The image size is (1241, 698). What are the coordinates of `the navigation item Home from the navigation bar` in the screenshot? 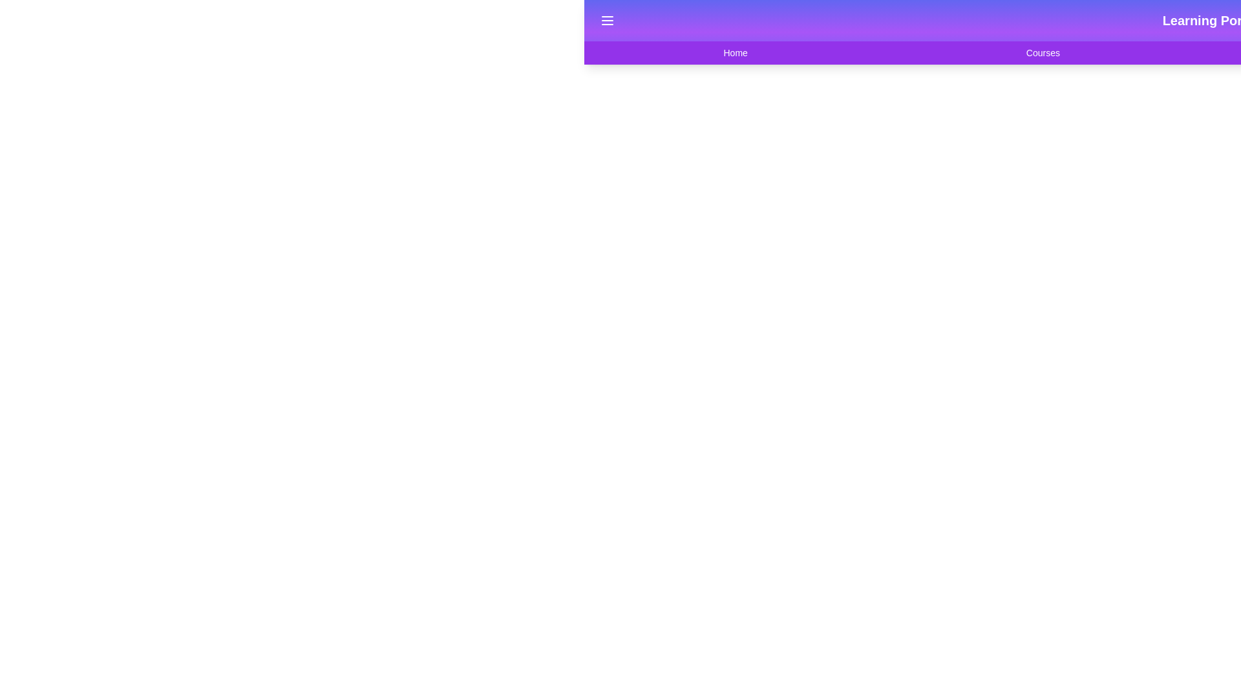 It's located at (735, 52).